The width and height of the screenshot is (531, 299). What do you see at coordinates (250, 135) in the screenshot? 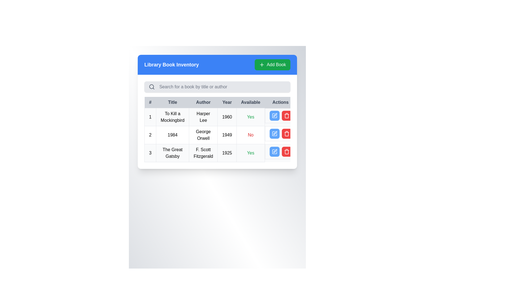
I see `the informational text label indicating the unavailability of the book '1984', located in the second row of the table under the 'Available' column` at bounding box center [250, 135].